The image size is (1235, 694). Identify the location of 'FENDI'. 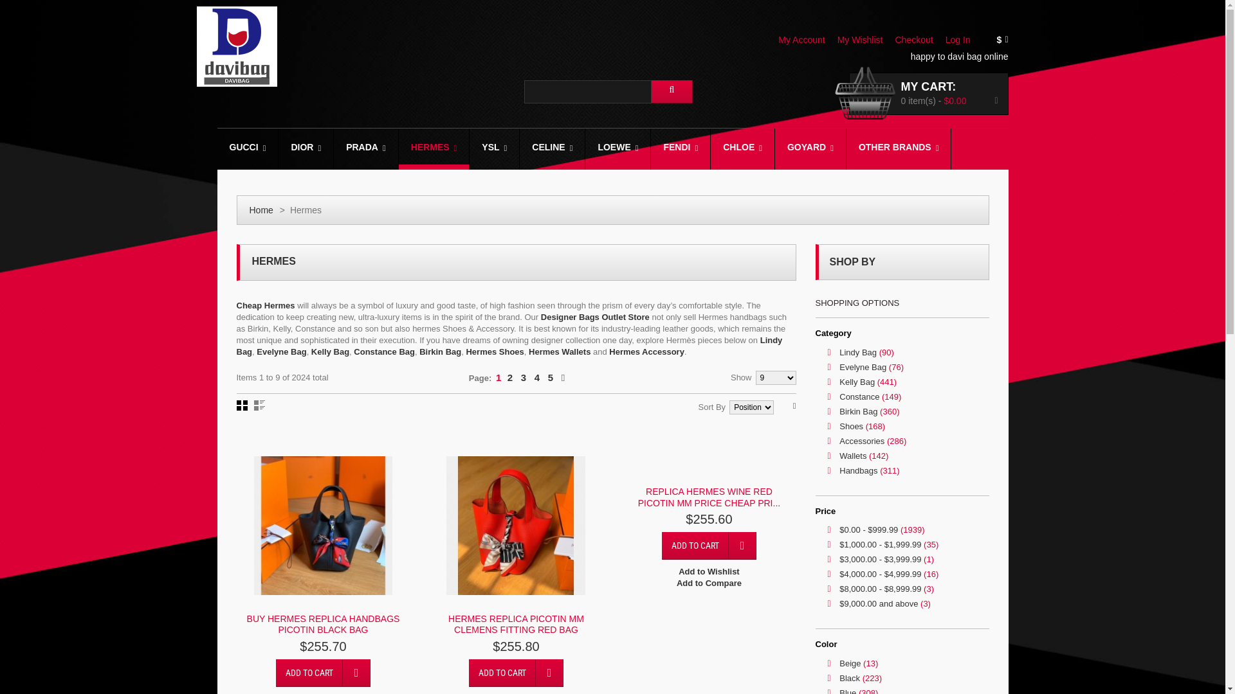
(679, 148).